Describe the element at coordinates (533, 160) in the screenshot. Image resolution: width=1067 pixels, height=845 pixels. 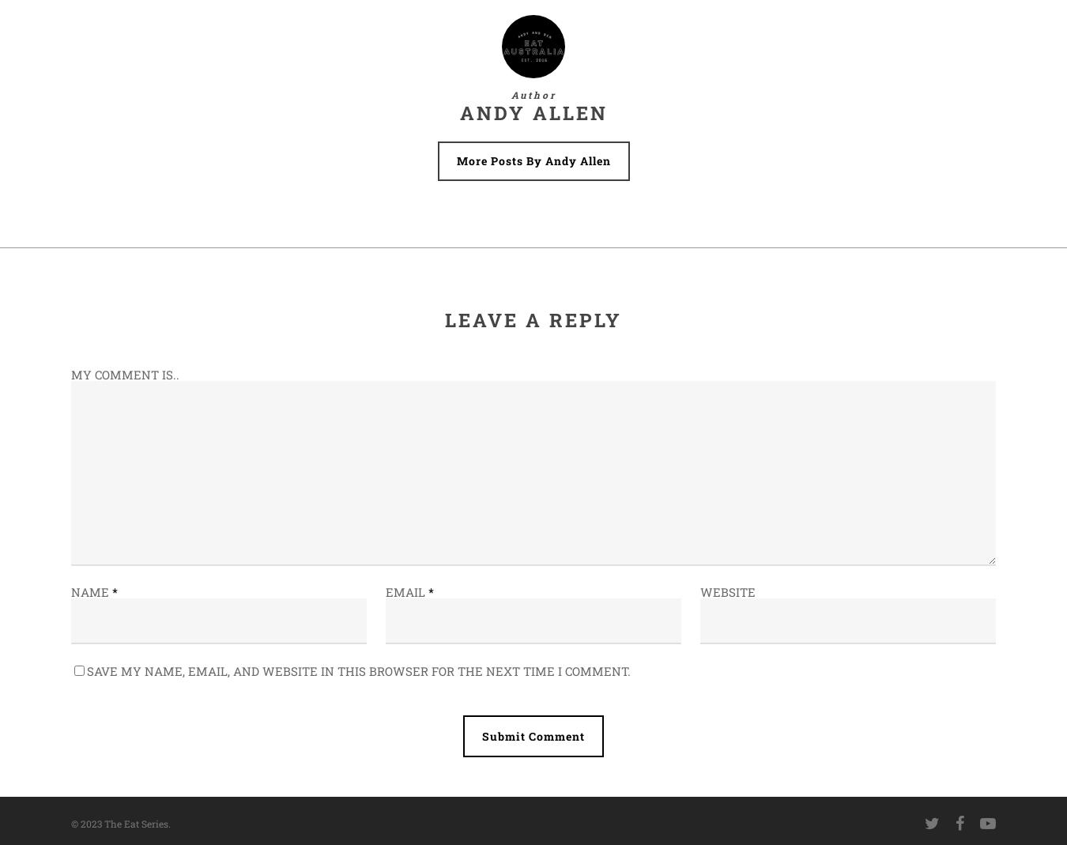
I see `'More posts by Andy Allen'` at that location.